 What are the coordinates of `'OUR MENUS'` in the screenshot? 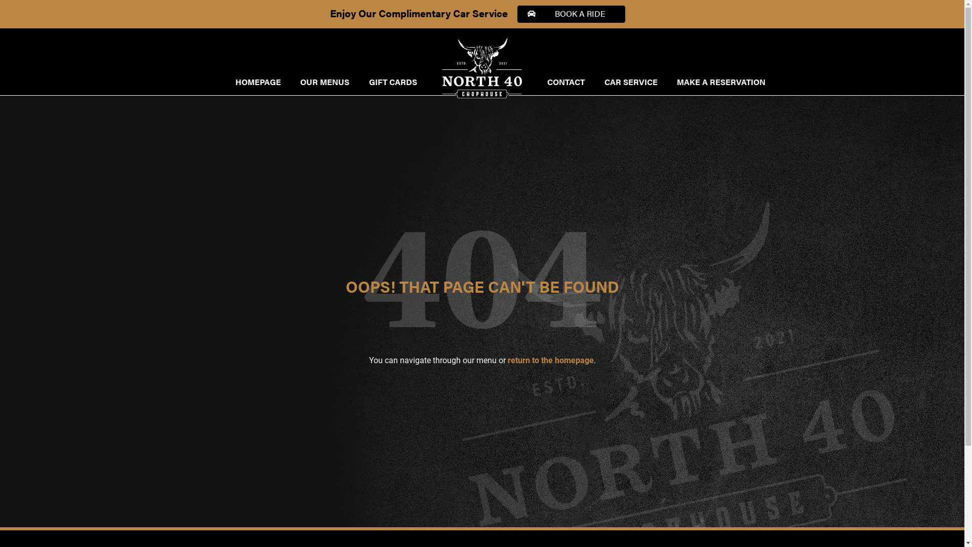 It's located at (325, 81).